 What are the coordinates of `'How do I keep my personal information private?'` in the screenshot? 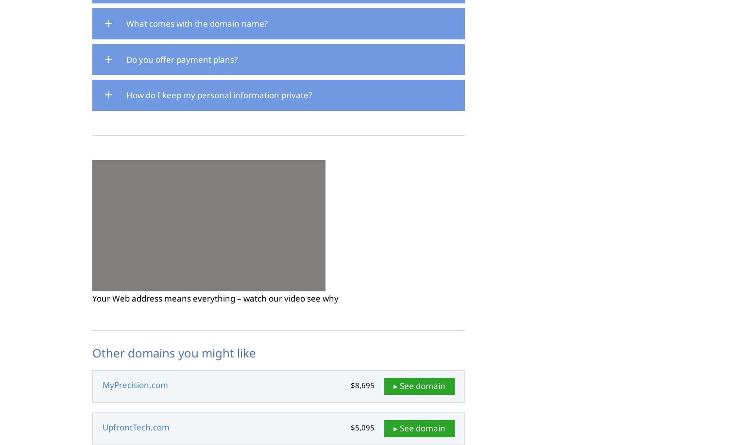 It's located at (219, 94).